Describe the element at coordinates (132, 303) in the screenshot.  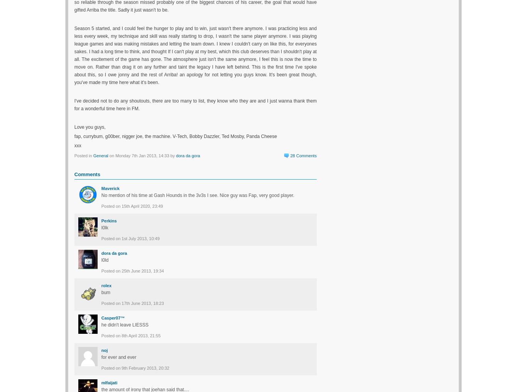
I see `'Posted on 17th June 2013, 18:23'` at that location.